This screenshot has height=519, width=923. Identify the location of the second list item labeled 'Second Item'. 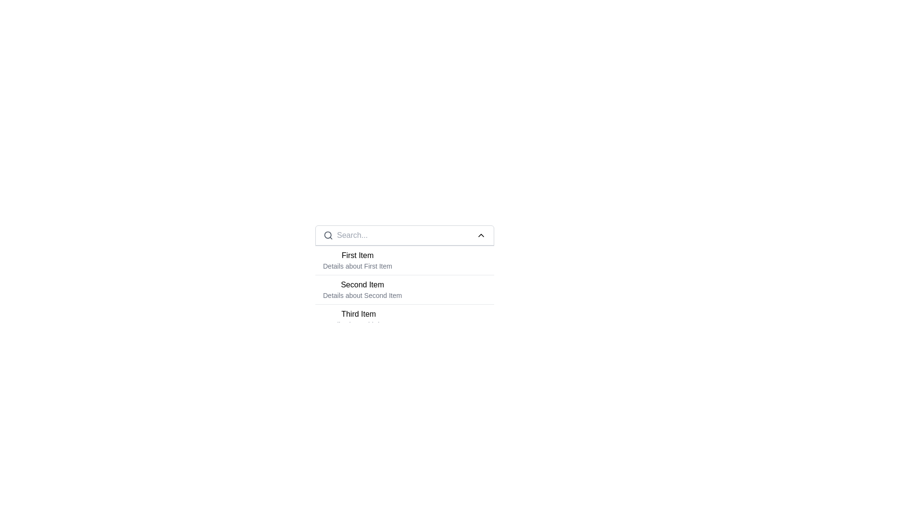
(362, 289).